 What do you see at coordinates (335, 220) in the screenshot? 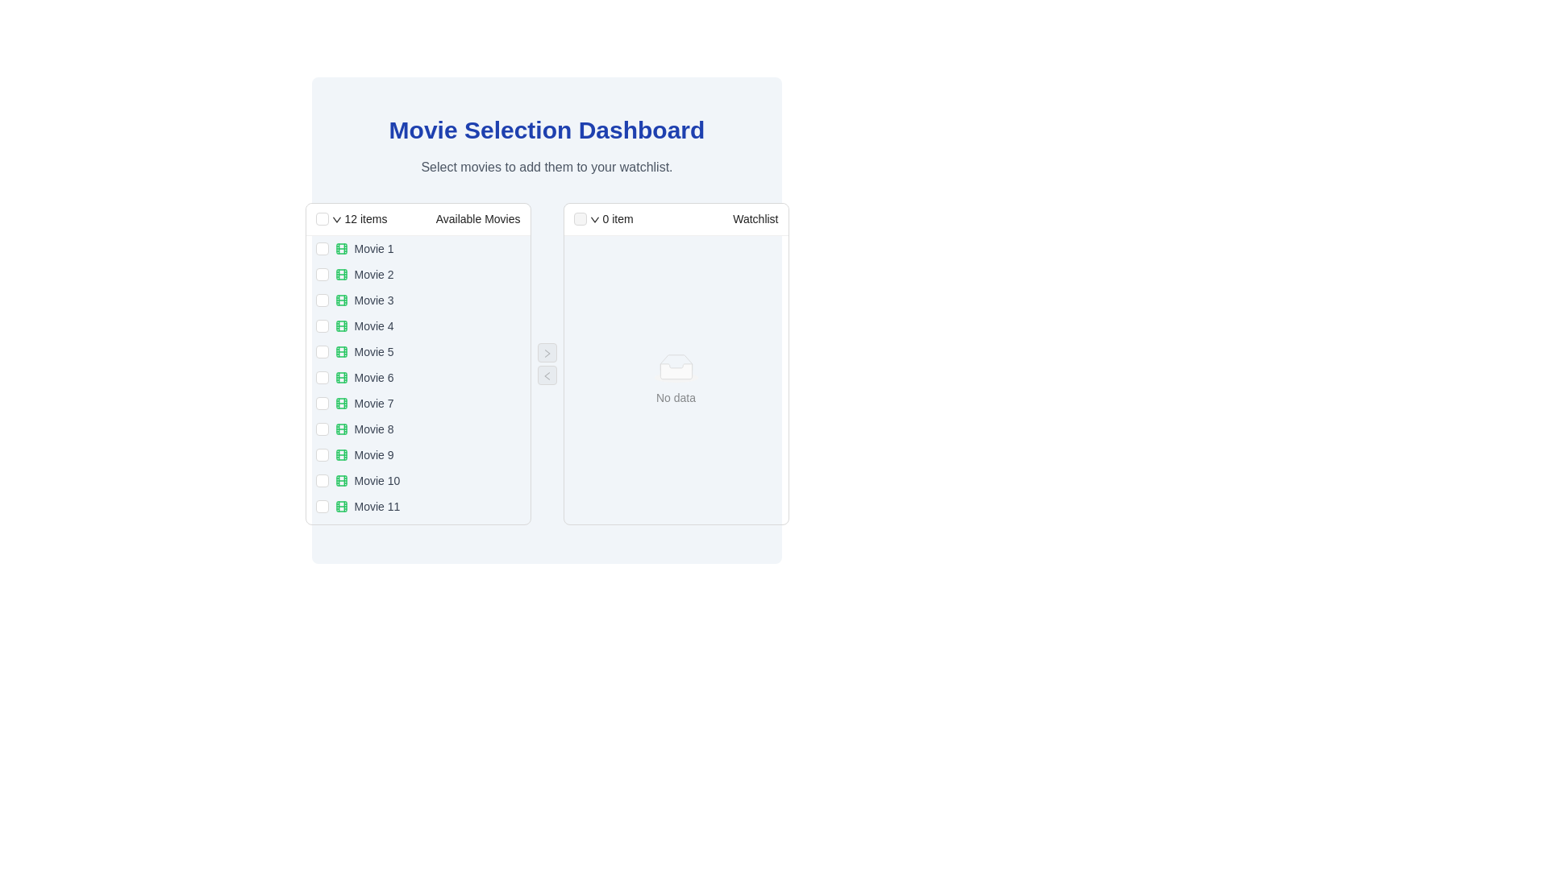
I see `the dropdown arrow icon located in the header of the Available Movies section to trigger a tooltip or highlight effect` at bounding box center [335, 220].